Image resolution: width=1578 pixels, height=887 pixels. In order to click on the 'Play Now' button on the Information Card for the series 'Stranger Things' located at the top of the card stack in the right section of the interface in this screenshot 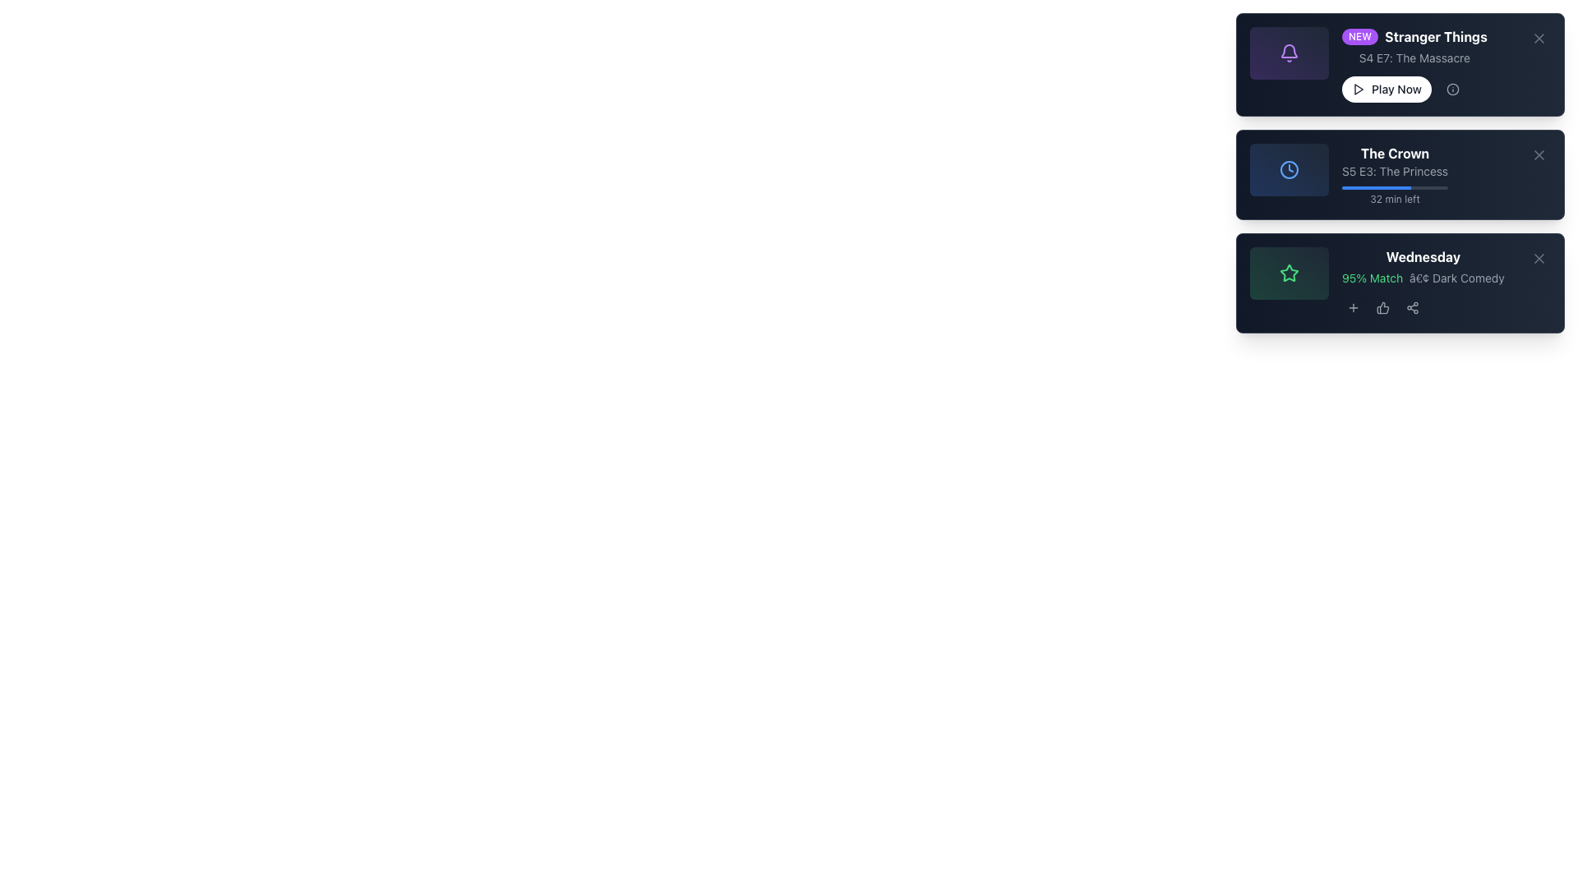, I will do `click(1368, 63)`.